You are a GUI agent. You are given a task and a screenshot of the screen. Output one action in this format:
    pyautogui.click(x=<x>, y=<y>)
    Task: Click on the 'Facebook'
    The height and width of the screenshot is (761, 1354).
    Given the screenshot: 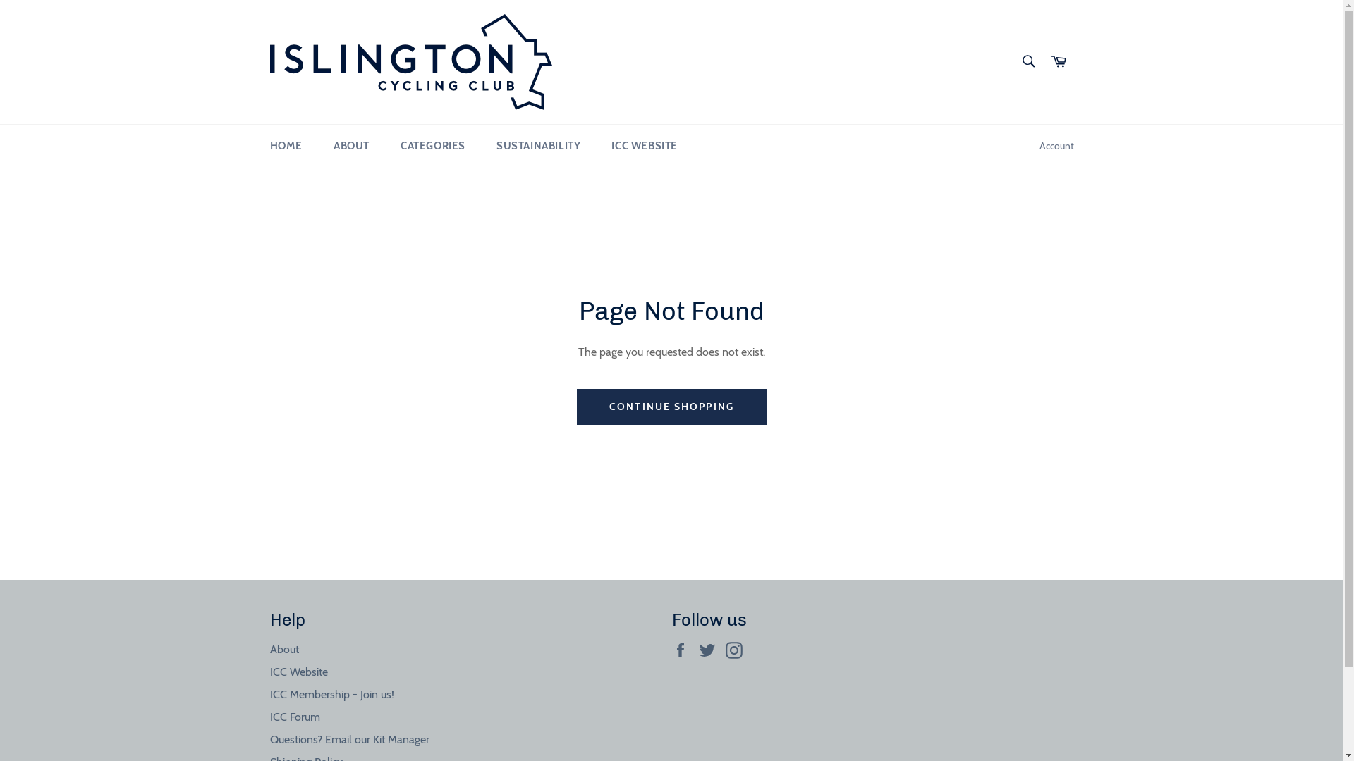 What is the action you would take?
    pyautogui.click(x=670, y=650)
    